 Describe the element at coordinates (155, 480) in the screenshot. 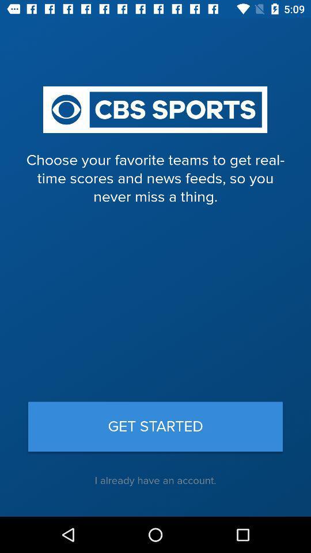

I see `i already have` at that location.